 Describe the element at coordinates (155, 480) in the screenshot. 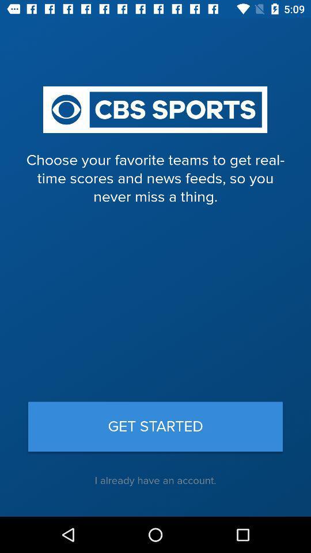

I see `i already have` at that location.